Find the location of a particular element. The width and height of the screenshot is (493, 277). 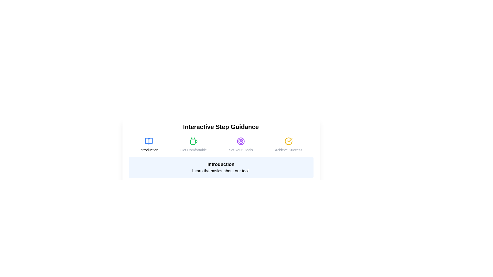

the coffee cup icon, which is a bright green minimalist line art style located above the text label 'Get Comfortable' is located at coordinates (193, 141).